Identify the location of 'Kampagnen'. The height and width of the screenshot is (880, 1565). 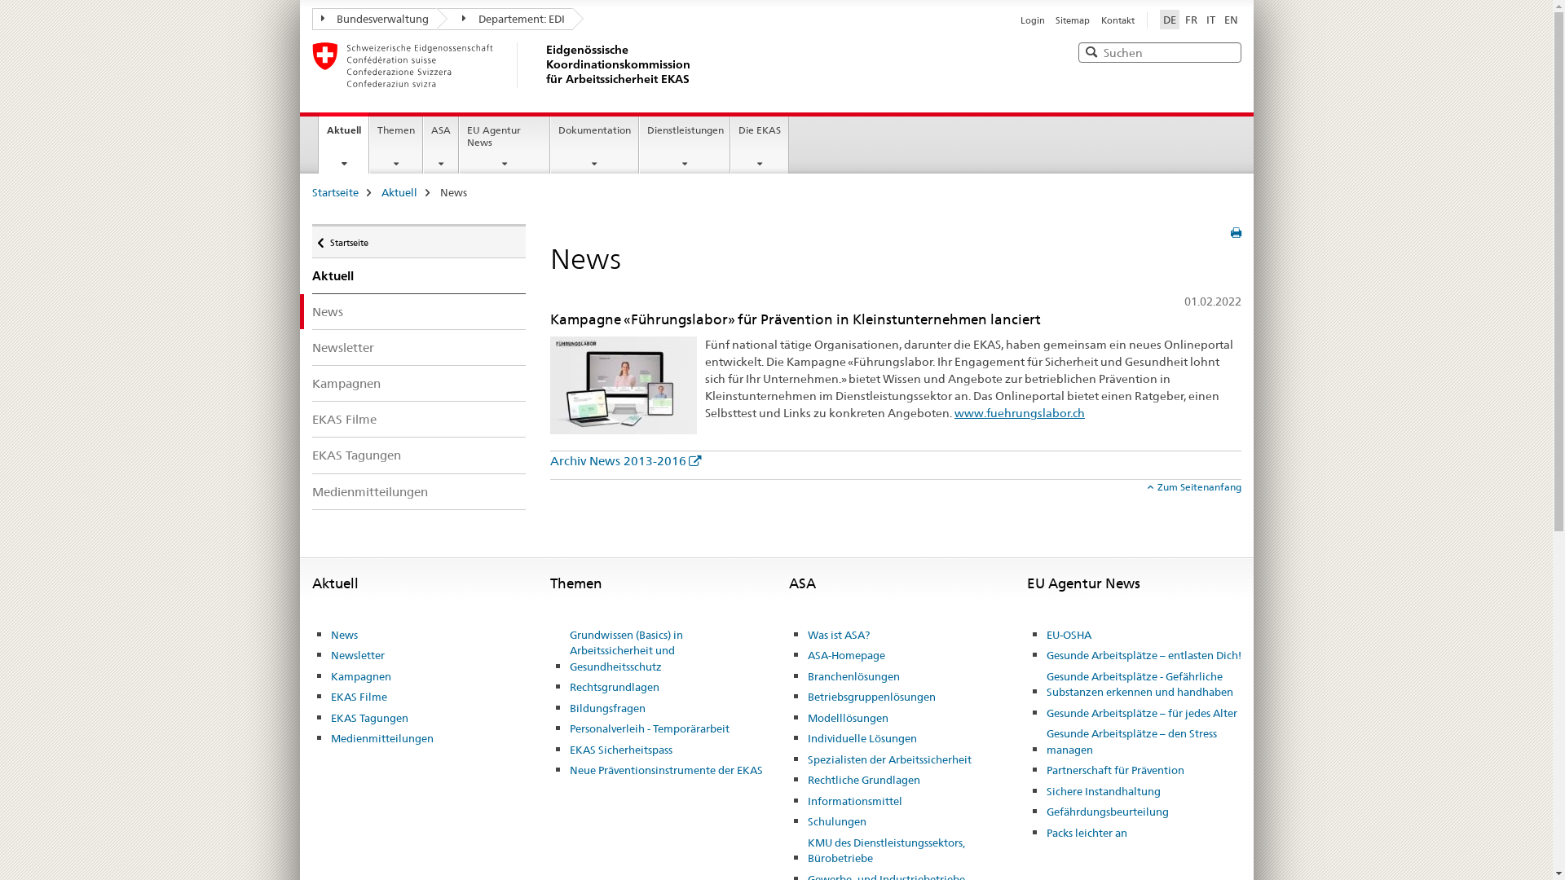
(418, 383).